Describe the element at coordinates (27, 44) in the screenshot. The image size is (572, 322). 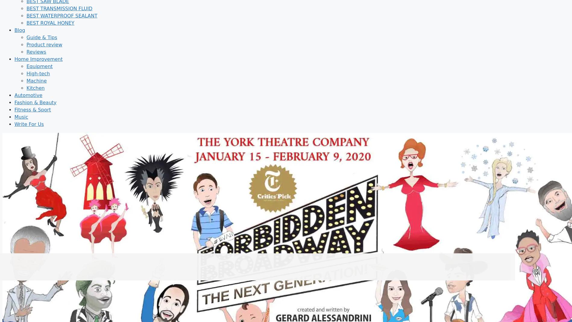
I see `'Product review'` at that location.